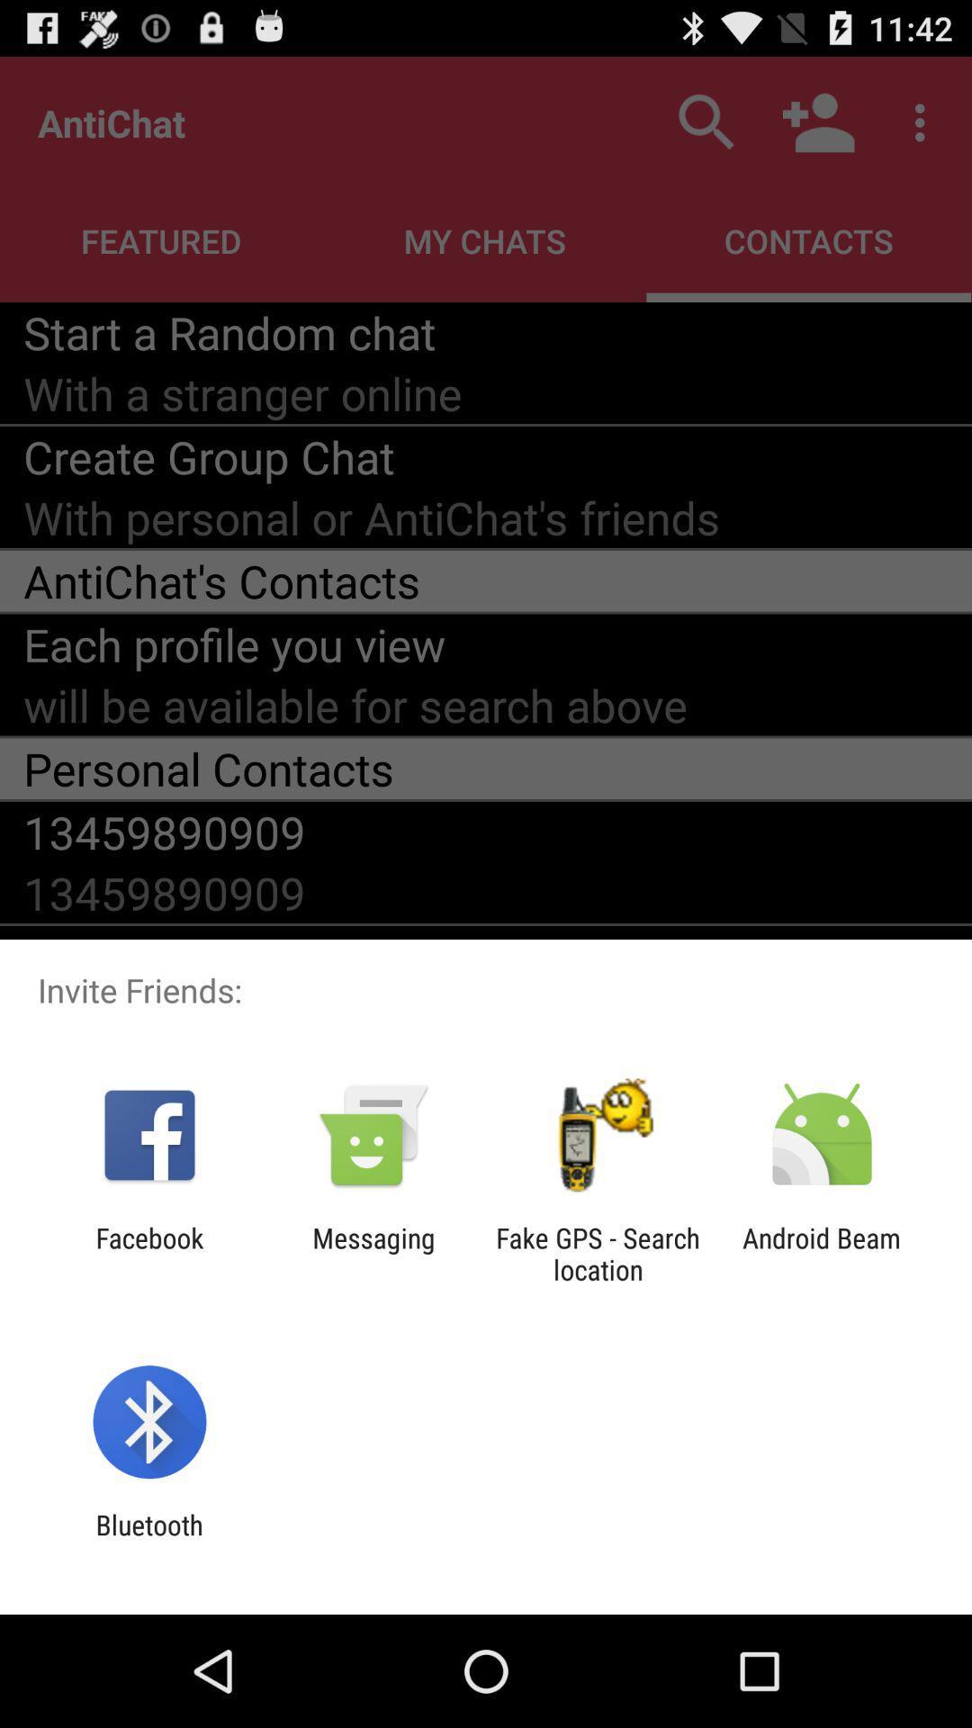  Describe the element at coordinates (373, 1253) in the screenshot. I see `messaging icon` at that location.